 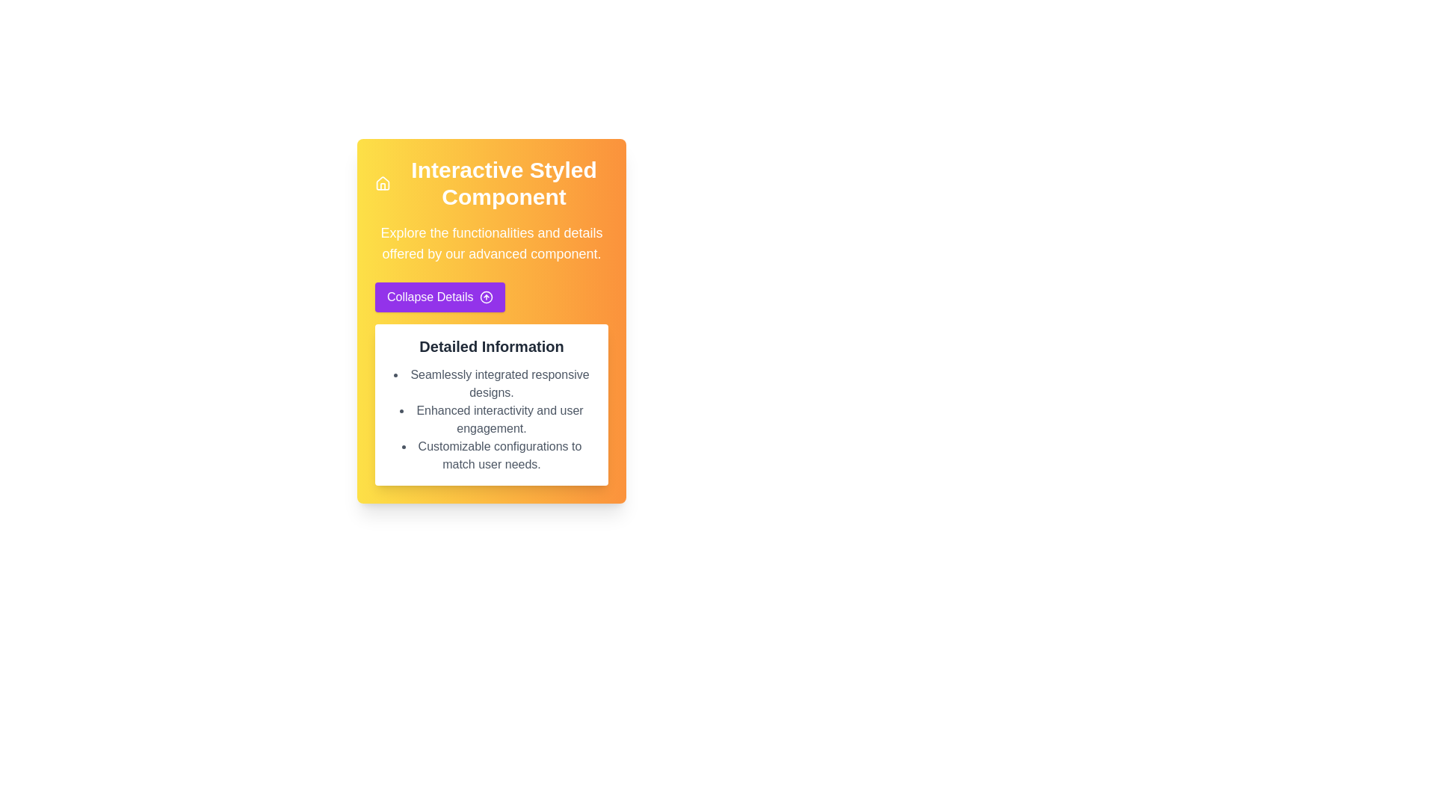 I want to click on text 'Enhanced interactivity and user engagement.' from the second bullet-point list item under the 'Detailed Information' section, so click(x=491, y=420).